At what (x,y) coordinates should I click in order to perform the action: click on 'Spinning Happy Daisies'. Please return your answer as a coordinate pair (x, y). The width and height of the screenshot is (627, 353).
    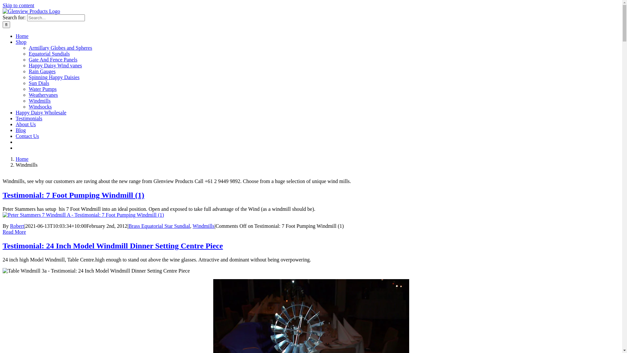
    Looking at the image, I should click on (28, 77).